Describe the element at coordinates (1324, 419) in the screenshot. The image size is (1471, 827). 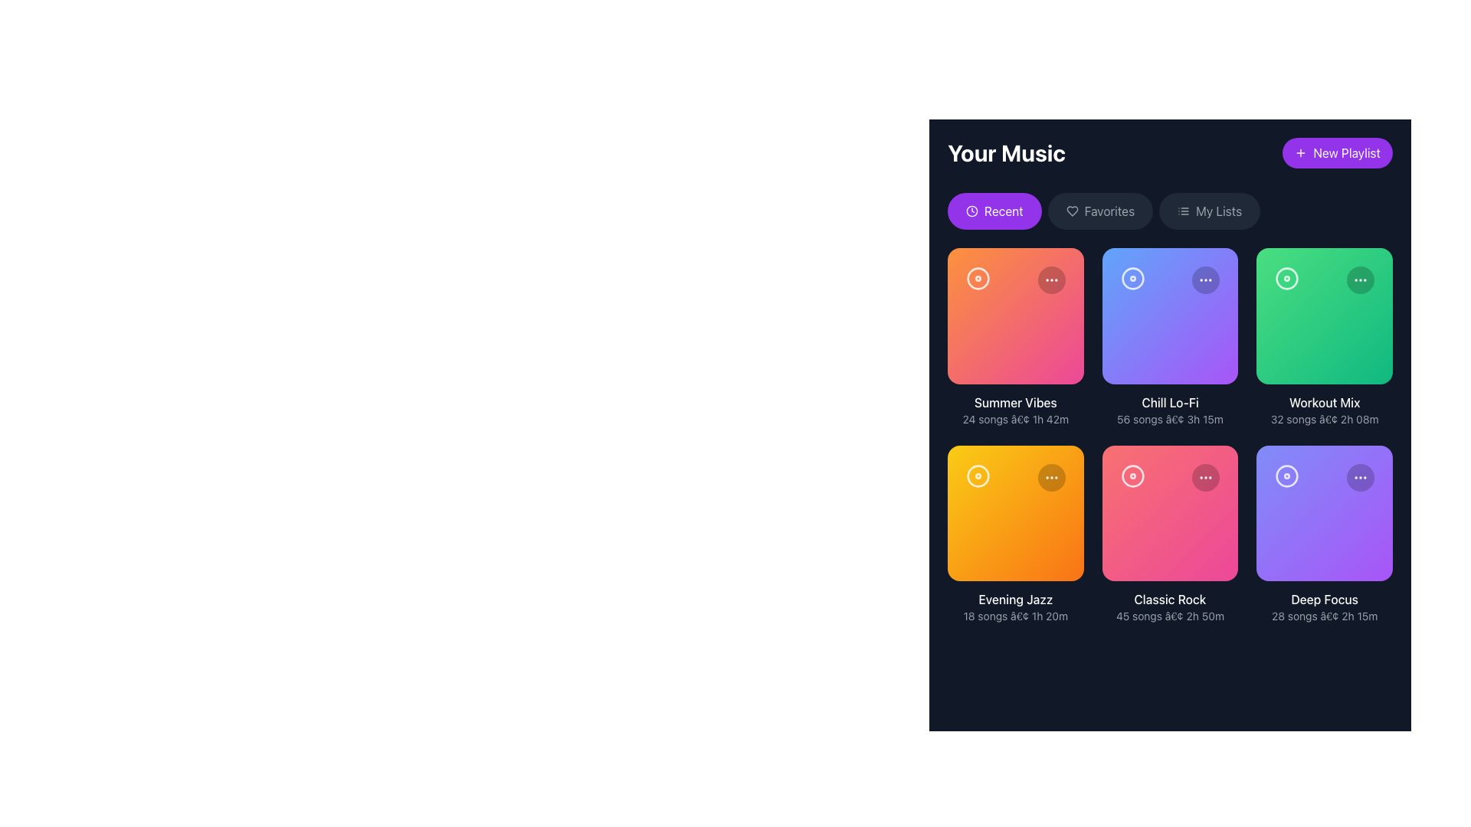
I see `the text label that displays the metadata for the 'Workout Mix' playlist, which shows the number of songs and total duration` at that location.